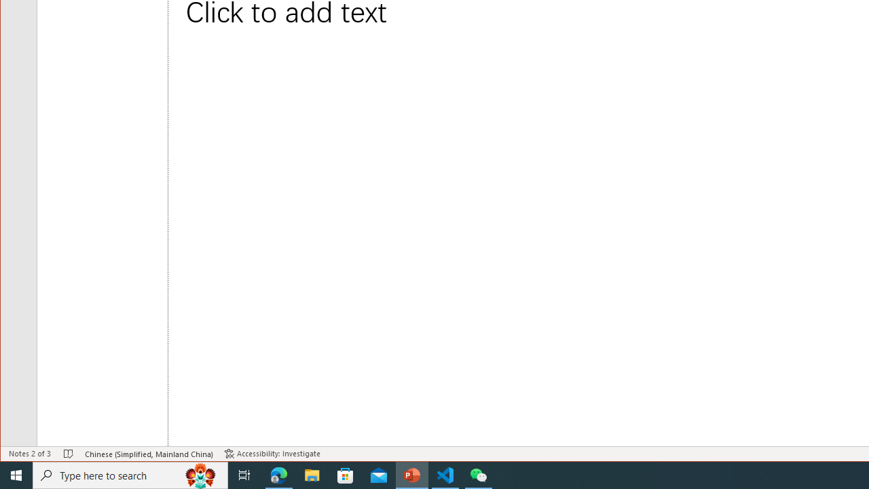  What do you see at coordinates (411, 474) in the screenshot?
I see `'PowerPoint - 1 running window'` at bounding box center [411, 474].